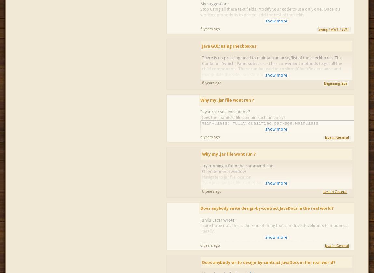 Image resolution: width=374 pixels, height=273 pixels. Describe the element at coordinates (265, 180) in the screenshot. I see `'http://docs.oracle.com/javase/tutorial/deployment/jar/appman.html'` at that location.